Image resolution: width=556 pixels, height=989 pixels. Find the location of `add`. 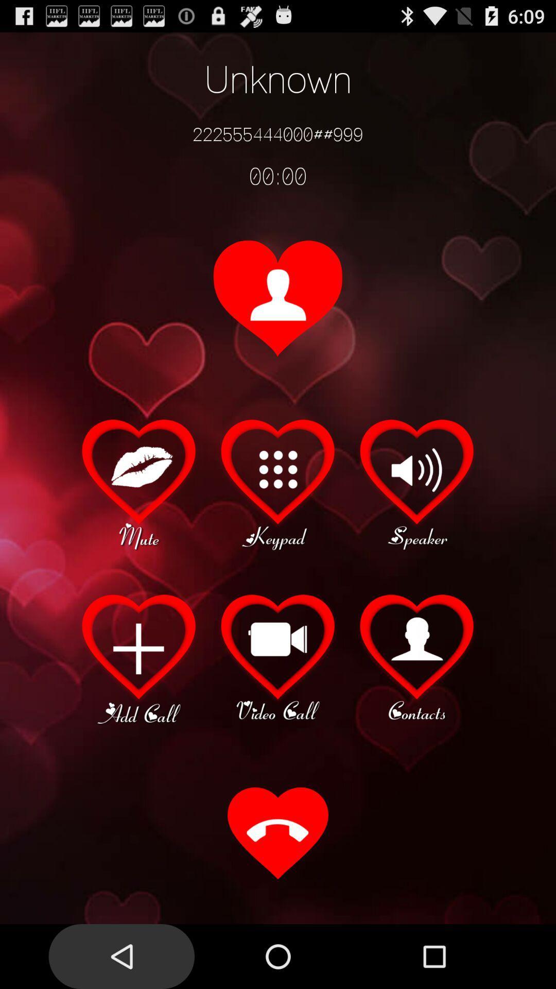

add is located at coordinates (139, 657).